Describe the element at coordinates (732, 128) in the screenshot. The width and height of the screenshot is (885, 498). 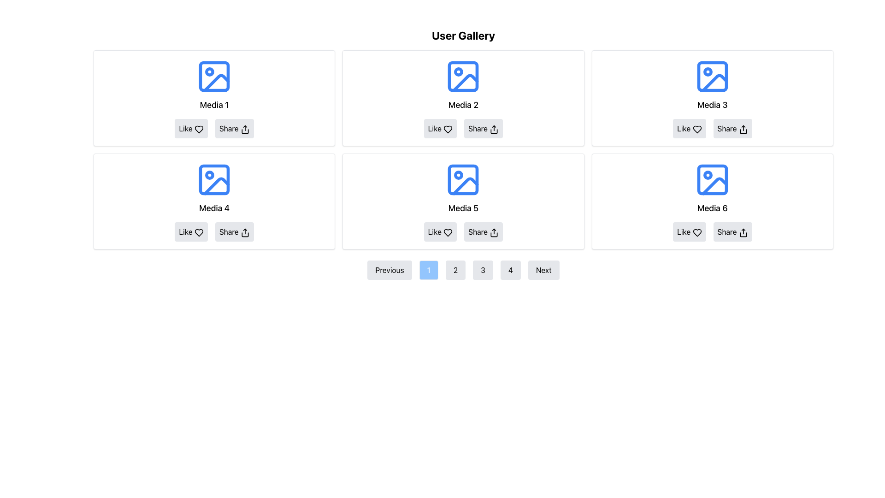
I see `the 'Share' button, which is a rectangular button with a gray background and a share icon, located below 'Media 3'` at that location.